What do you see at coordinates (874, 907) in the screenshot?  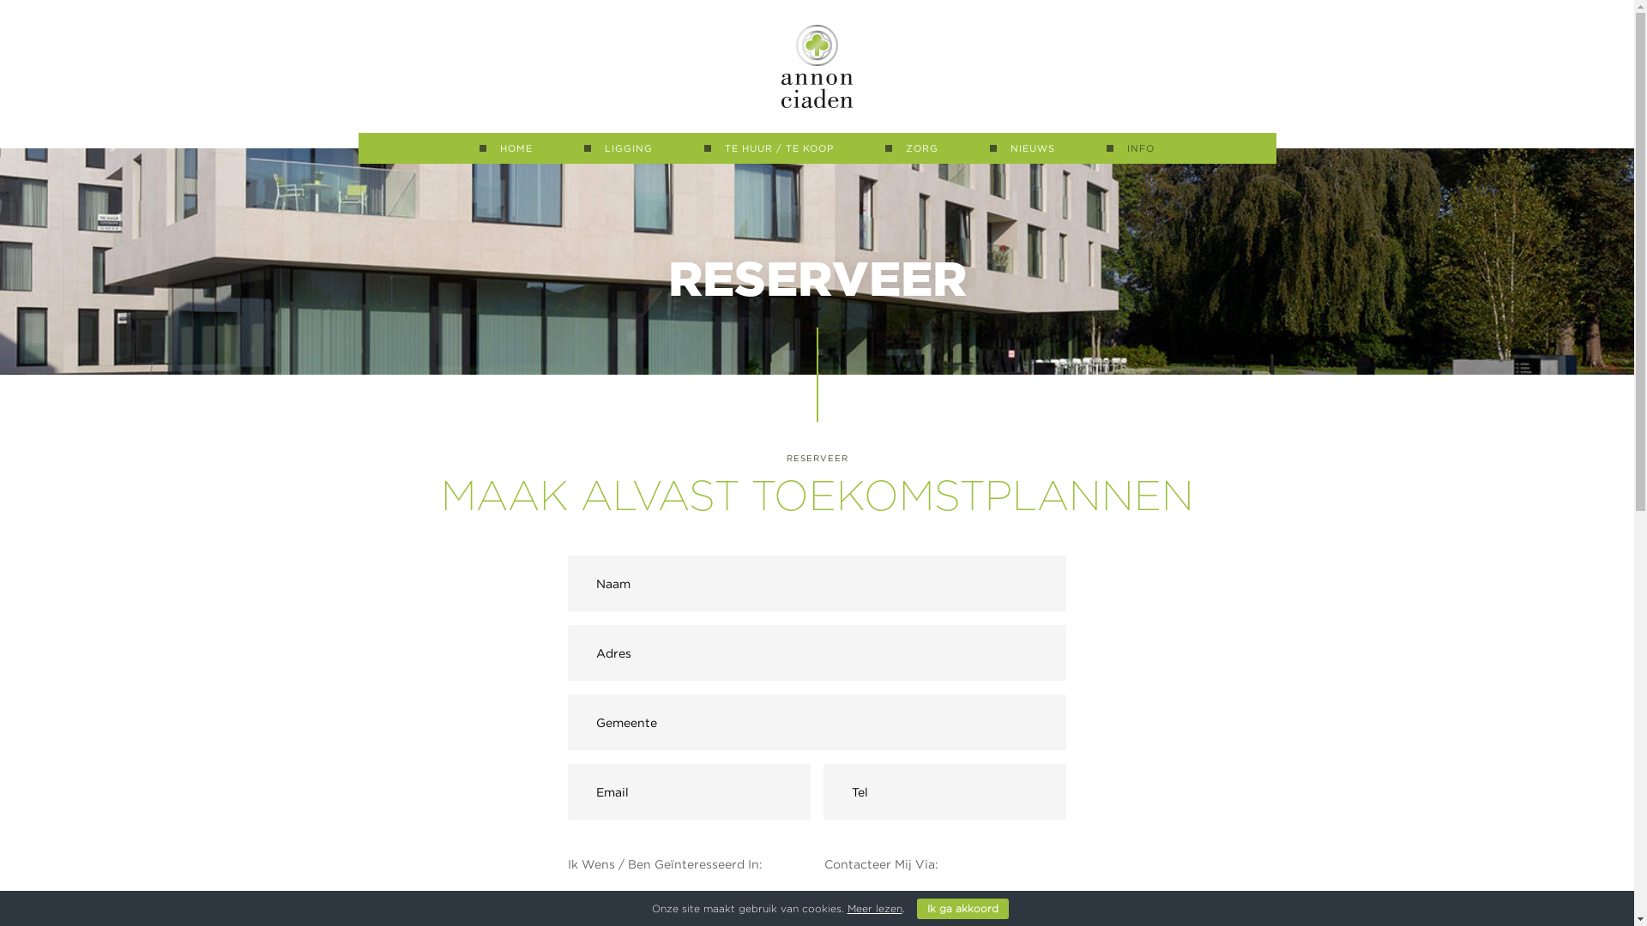 I see `'Meer lezen'` at bounding box center [874, 907].